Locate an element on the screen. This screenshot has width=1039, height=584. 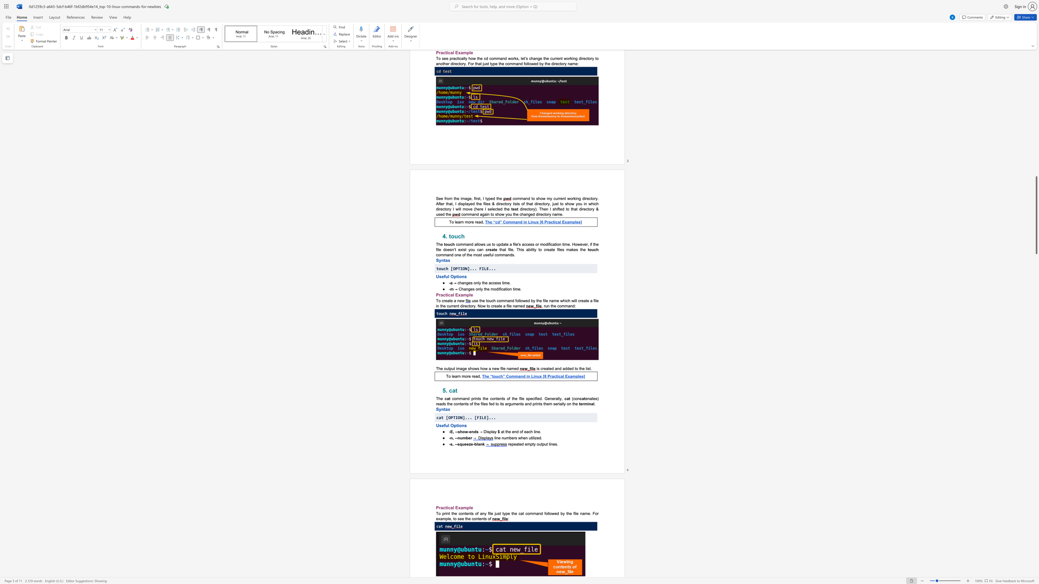
the subset text "ion" within the text "Useful Options" is located at coordinates (457, 425).